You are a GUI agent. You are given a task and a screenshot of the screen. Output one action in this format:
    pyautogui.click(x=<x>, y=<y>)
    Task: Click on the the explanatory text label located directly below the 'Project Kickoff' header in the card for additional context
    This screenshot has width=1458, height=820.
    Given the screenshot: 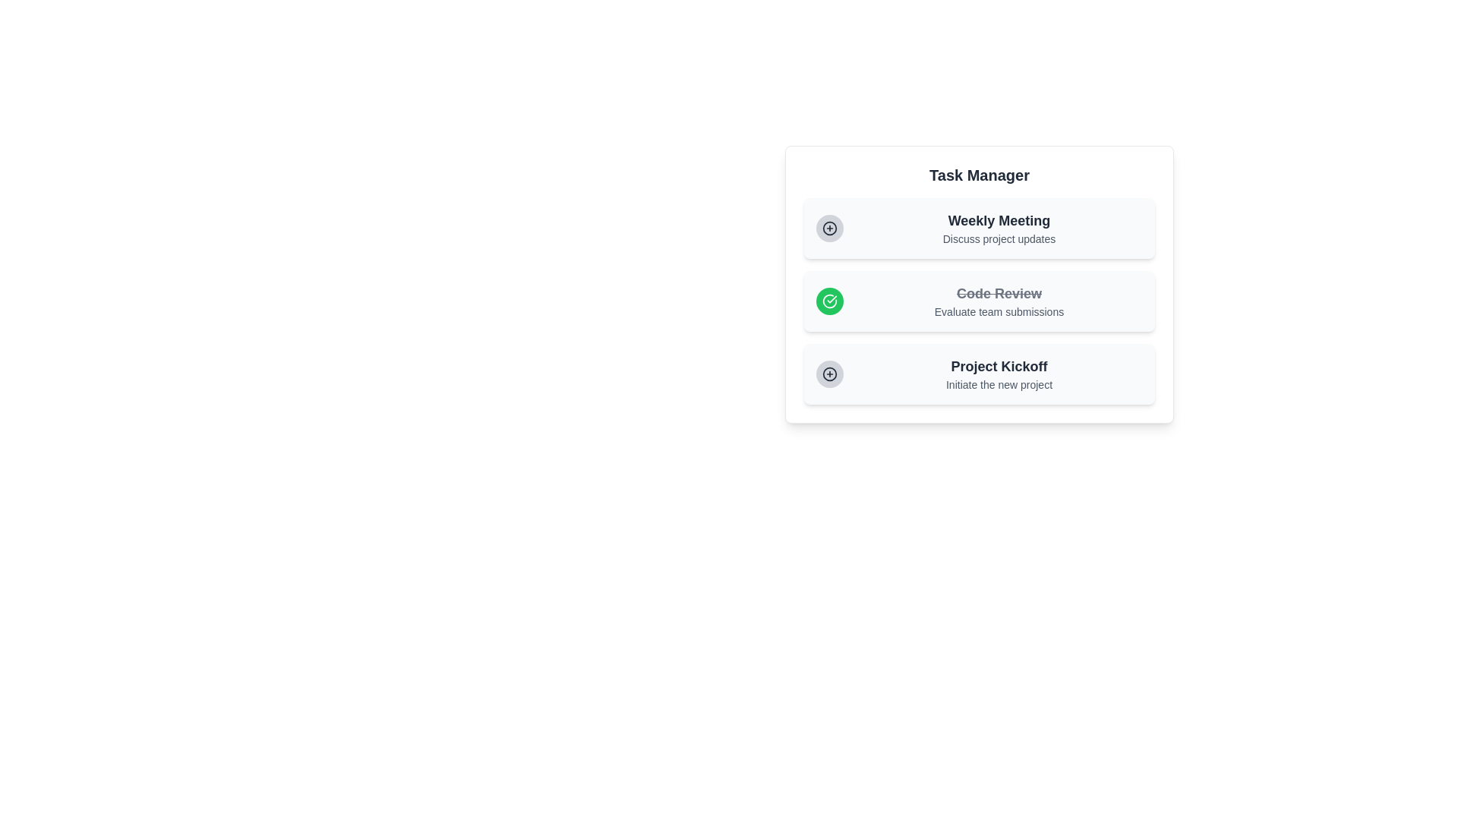 What is the action you would take?
    pyautogui.click(x=999, y=383)
    